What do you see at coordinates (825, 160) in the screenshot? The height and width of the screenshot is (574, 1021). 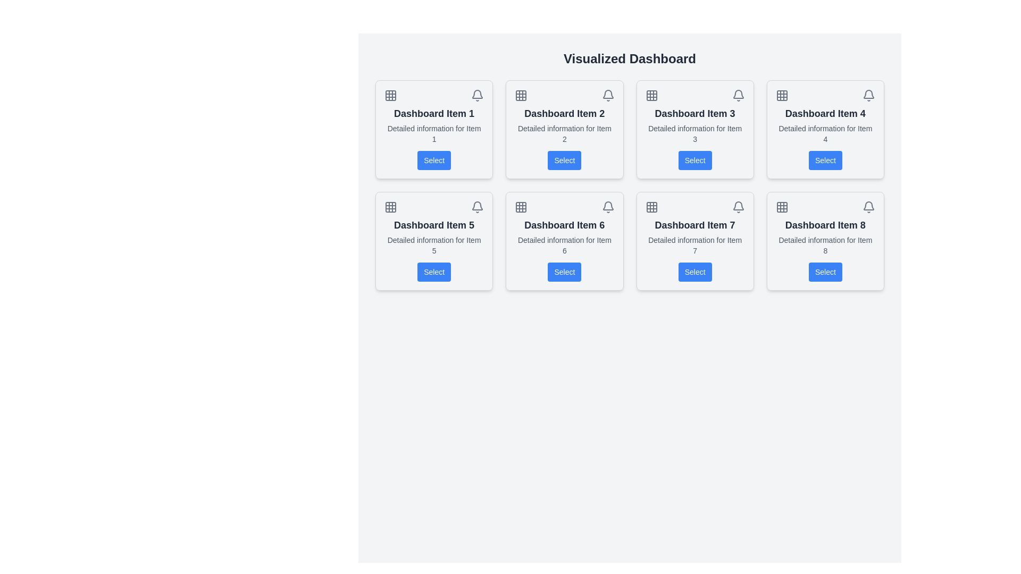 I see `the 'Select' button with a blue background and white text located in the fourth item of the dashboard grid to observe the hover effect` at bounding box center [825, 160].